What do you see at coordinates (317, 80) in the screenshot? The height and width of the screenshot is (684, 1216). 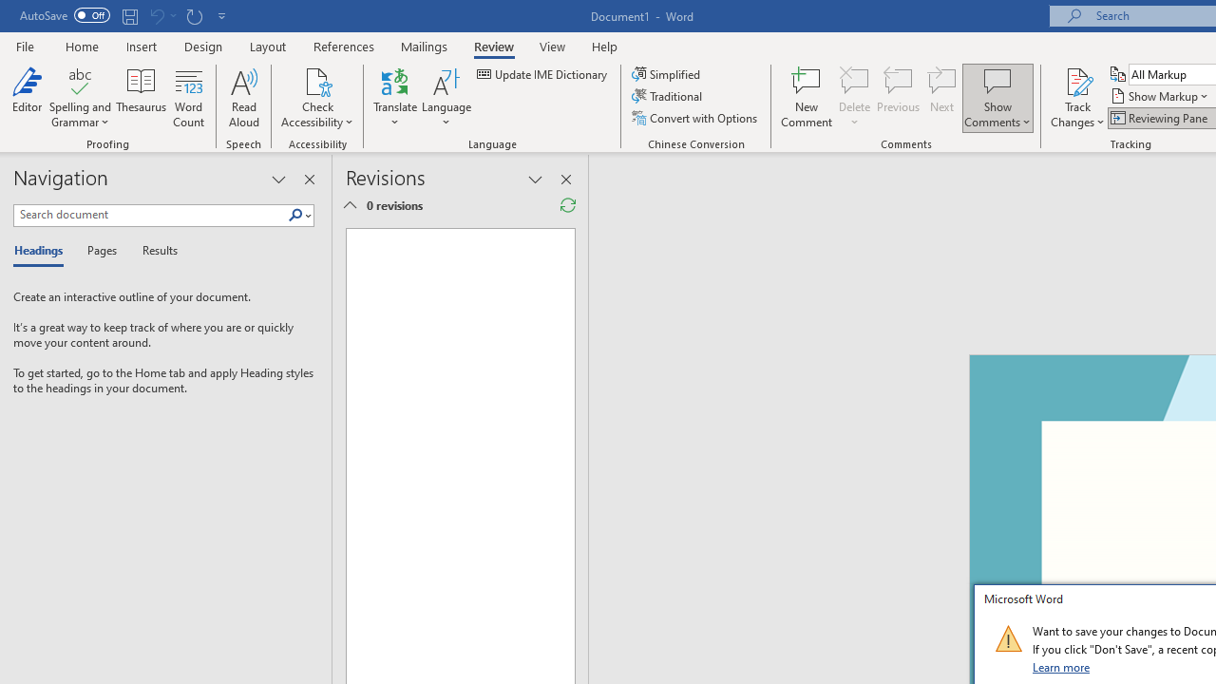 I see `'Check Accessibility'` at bounding box center [317, 80].